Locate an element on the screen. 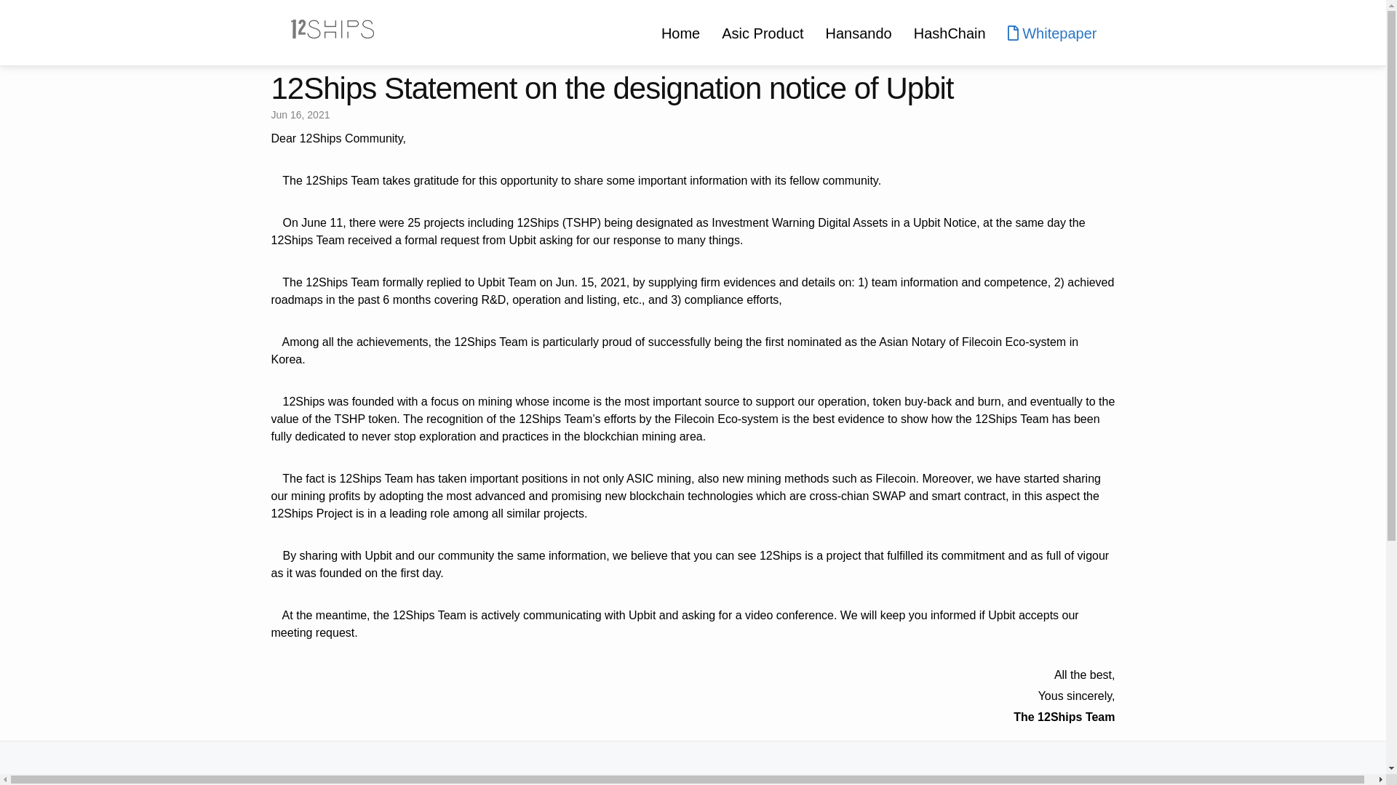 Image resolution: width=1397 pixels, height=785 pixels. 'HashChain' is located at coordinates (950, 33).